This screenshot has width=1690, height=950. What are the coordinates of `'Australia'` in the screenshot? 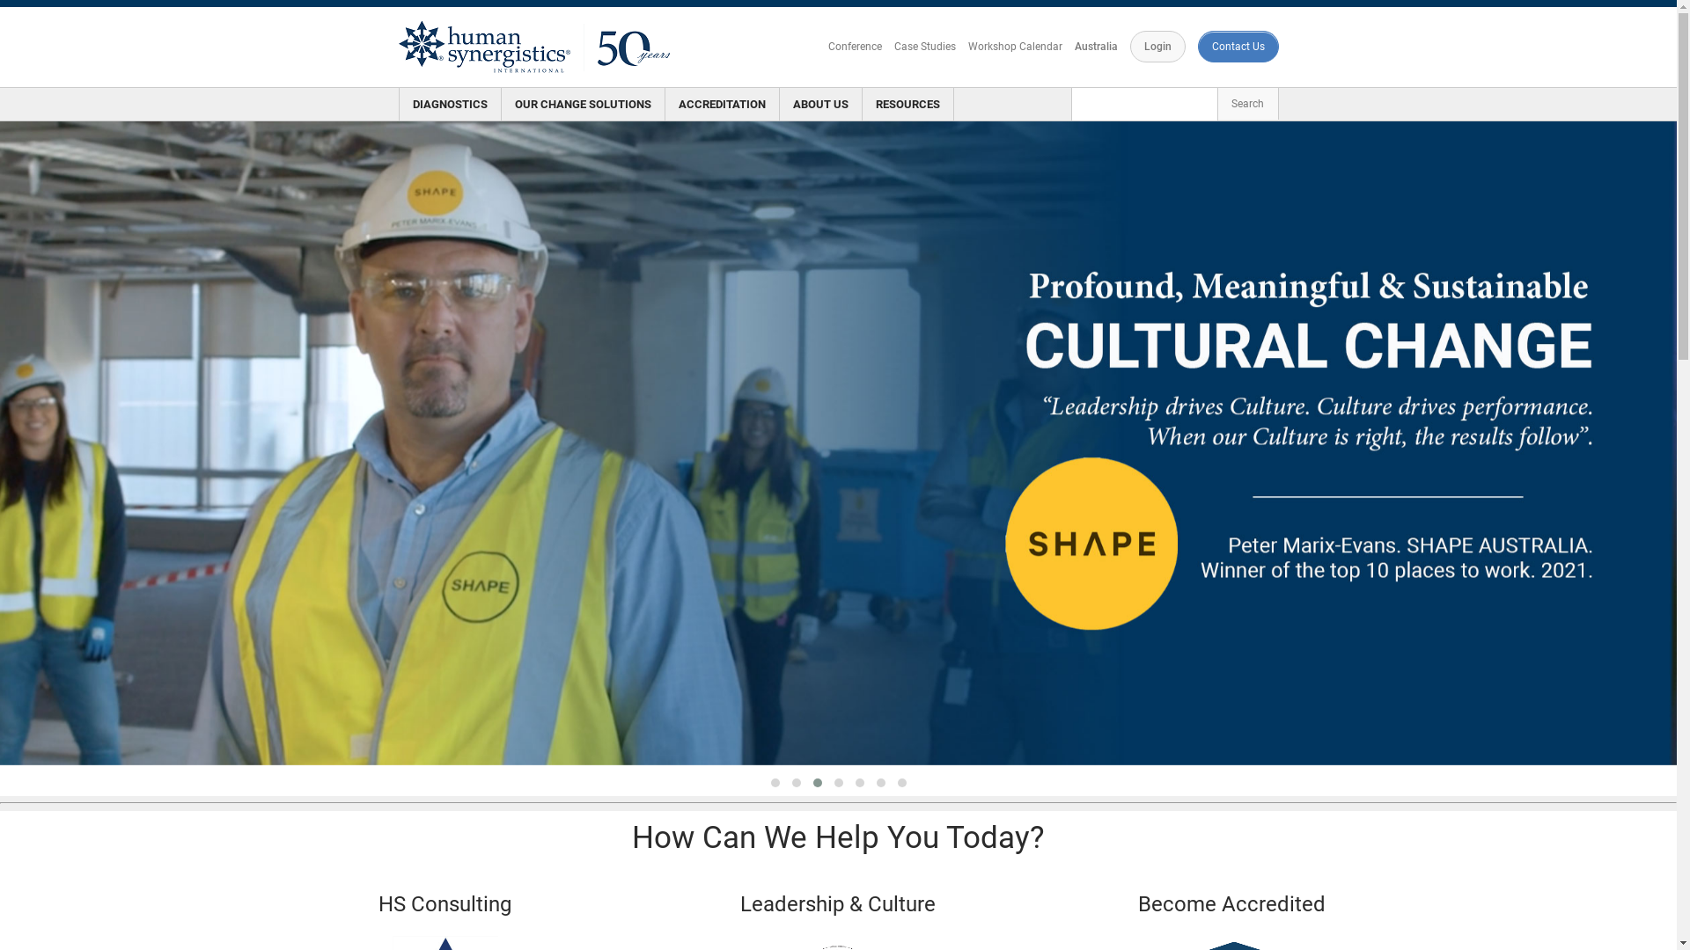 It's located at (1094, 46).